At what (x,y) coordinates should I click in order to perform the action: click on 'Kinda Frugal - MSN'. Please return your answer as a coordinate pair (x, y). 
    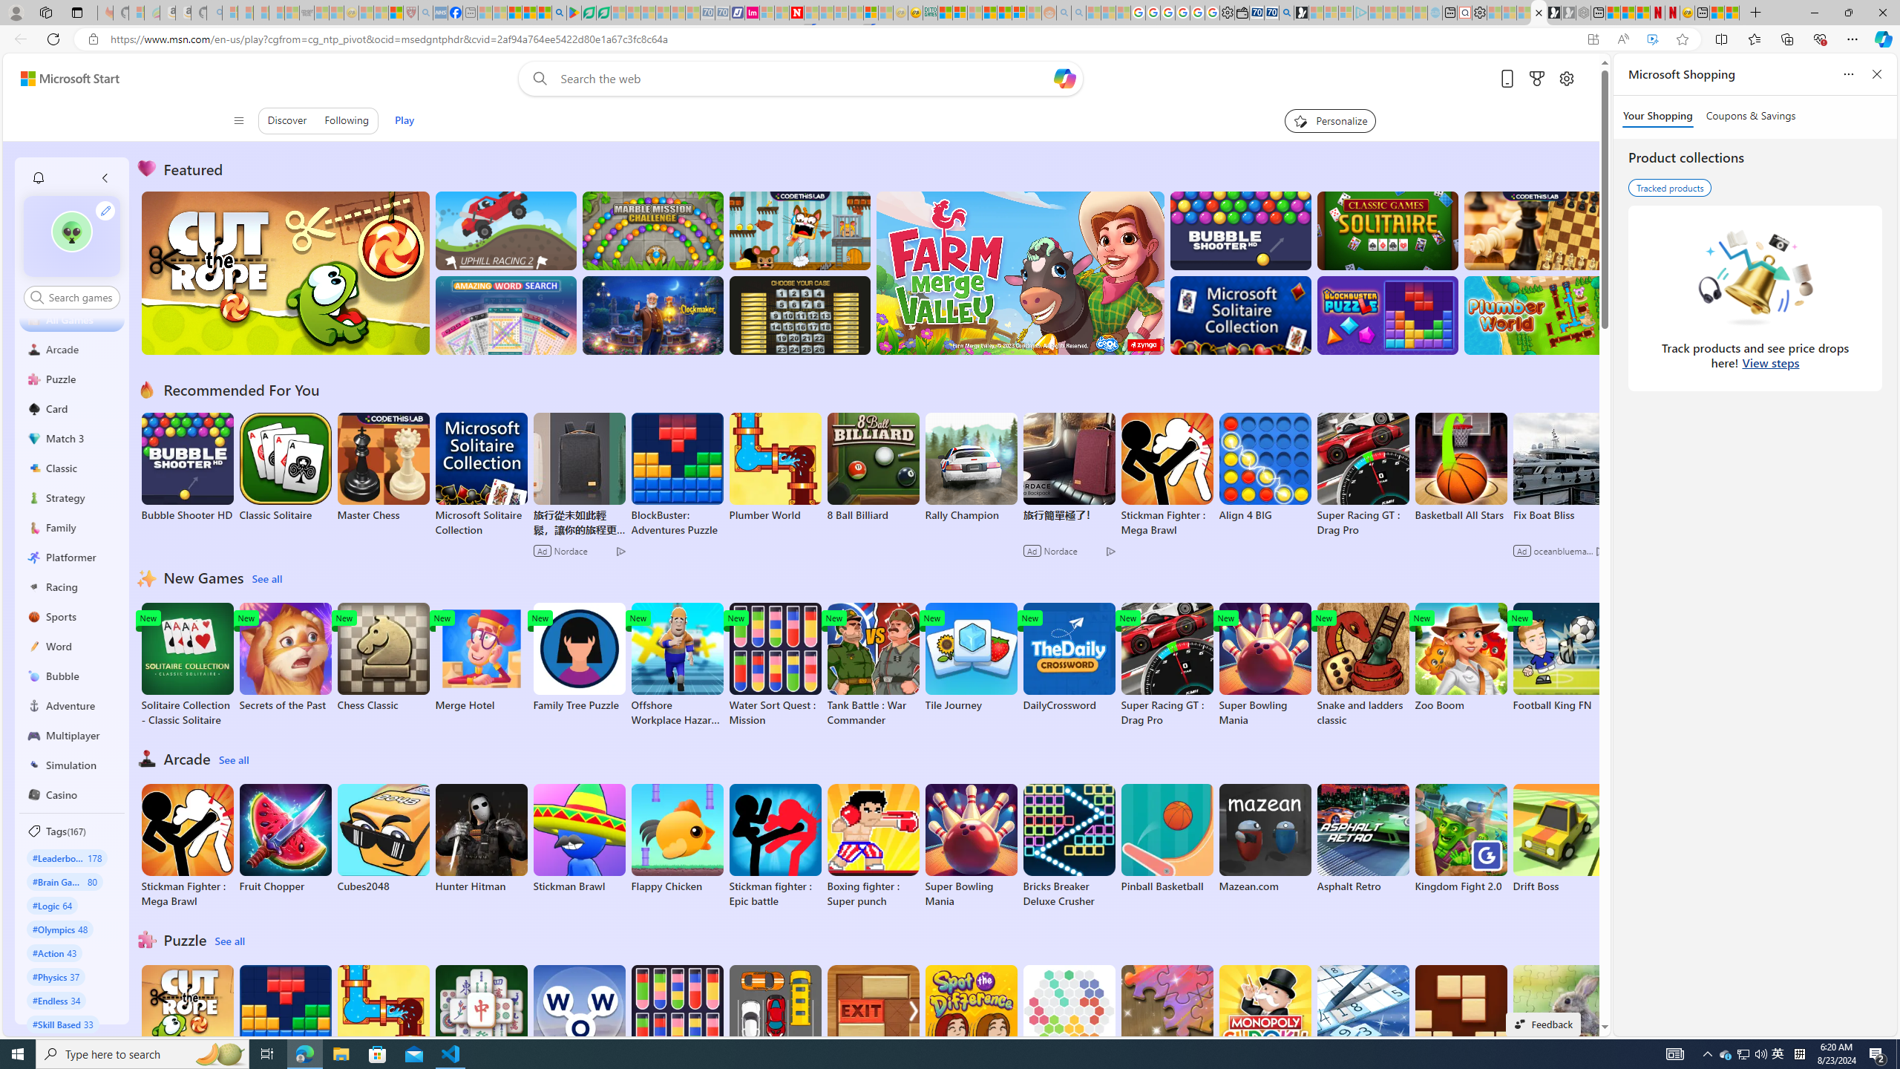
    Looking at the image, I should click on (1003, 12).